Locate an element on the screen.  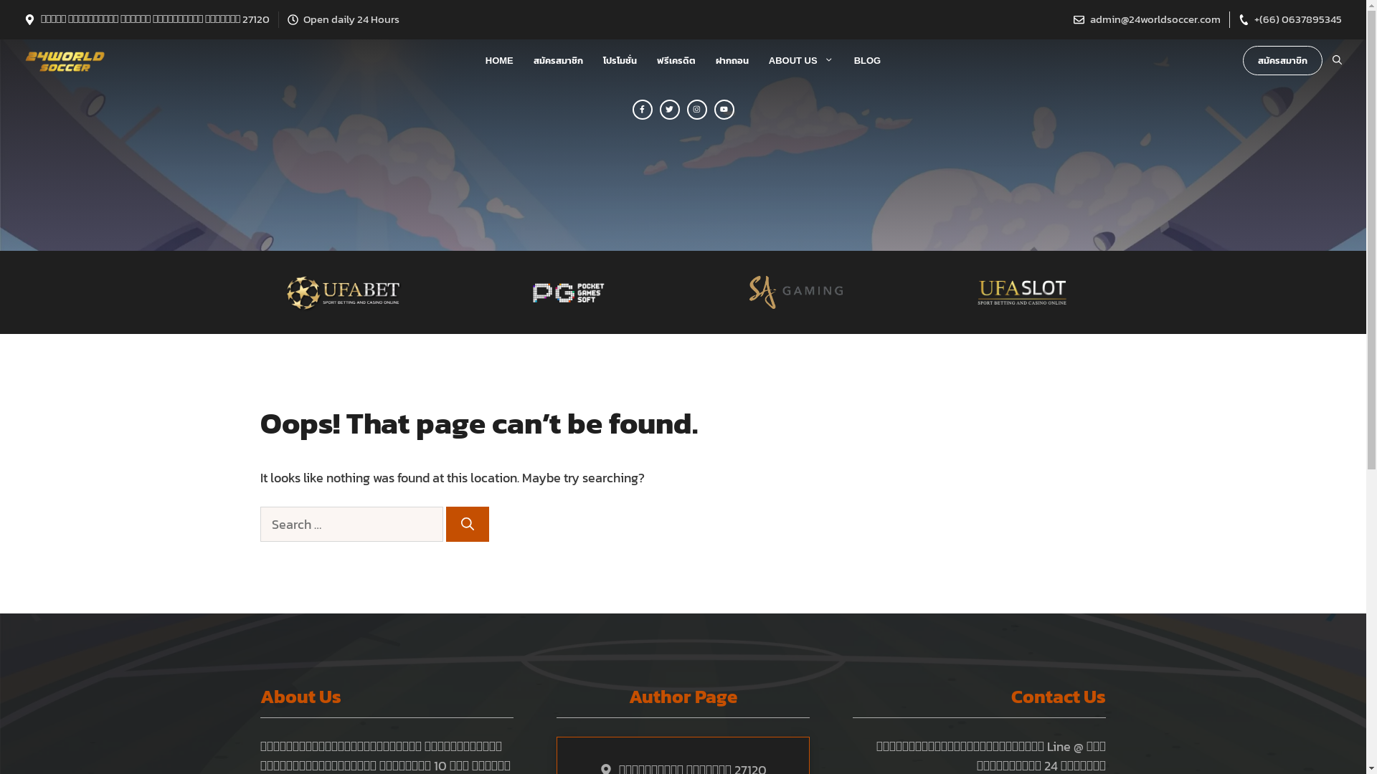
'Contact Us' is located at coordinates (1059, 695).